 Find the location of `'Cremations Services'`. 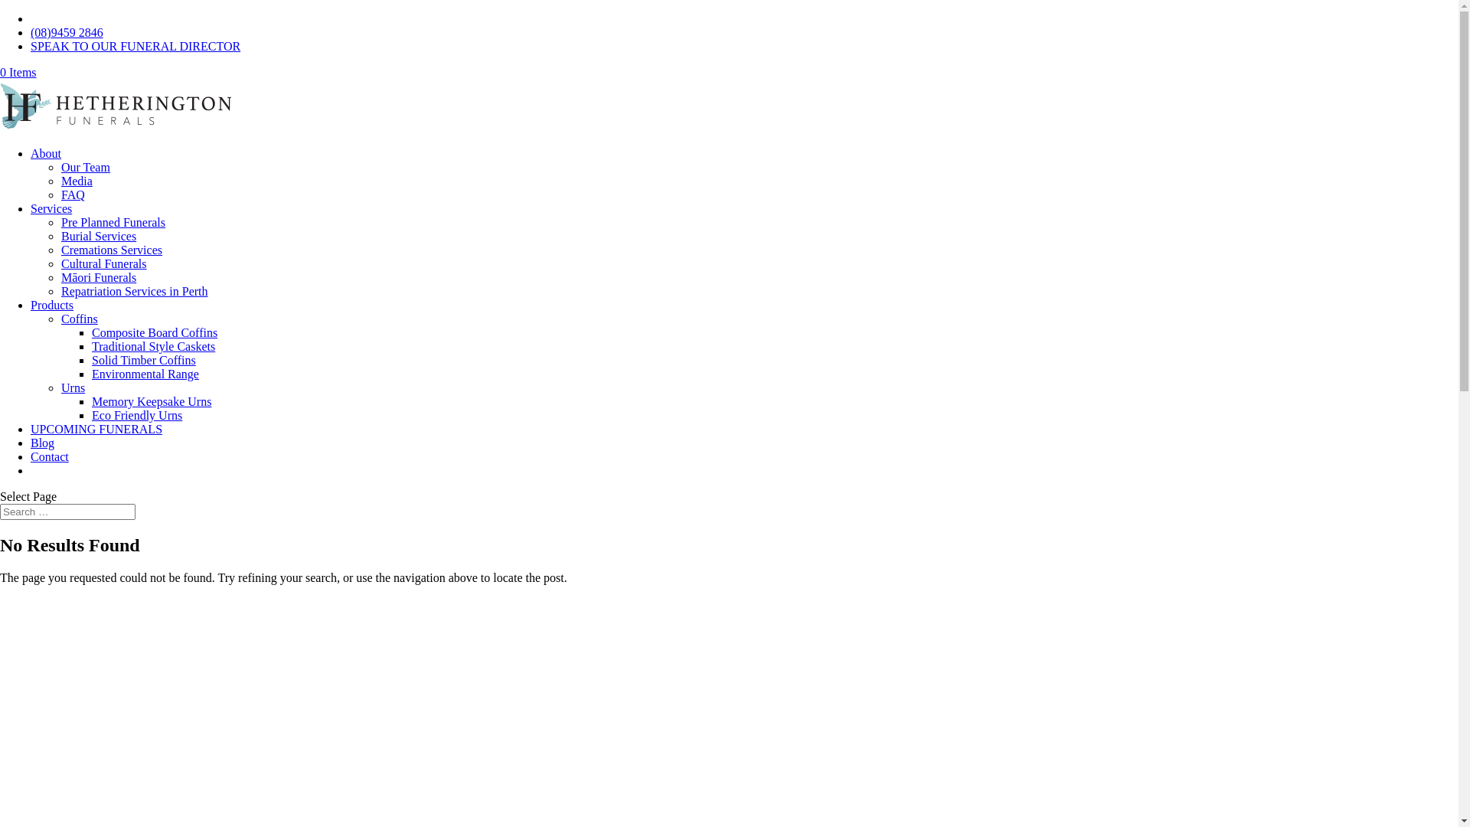

'Cremations Services' is located at coordinates (110, 249).